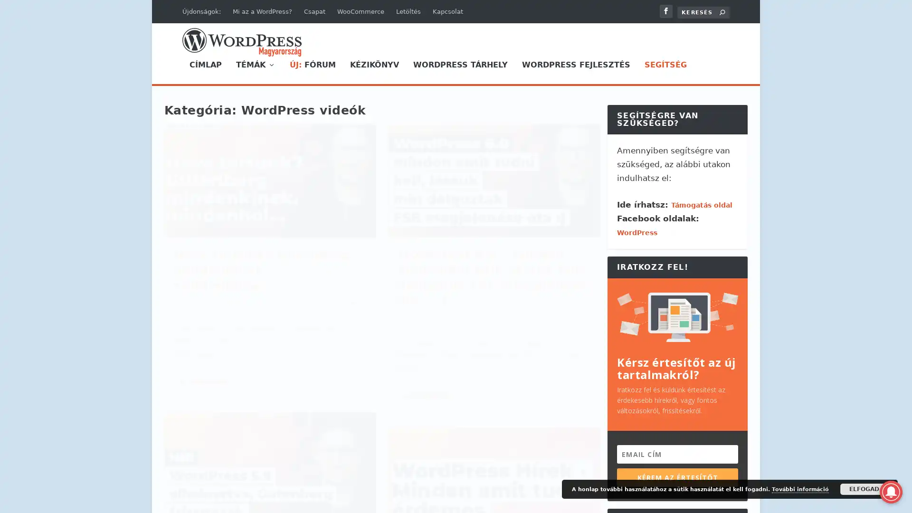 This screenshot has width=912, height=513. I want to click on KEREM AZ ERTESITOT, so click(677, 477).